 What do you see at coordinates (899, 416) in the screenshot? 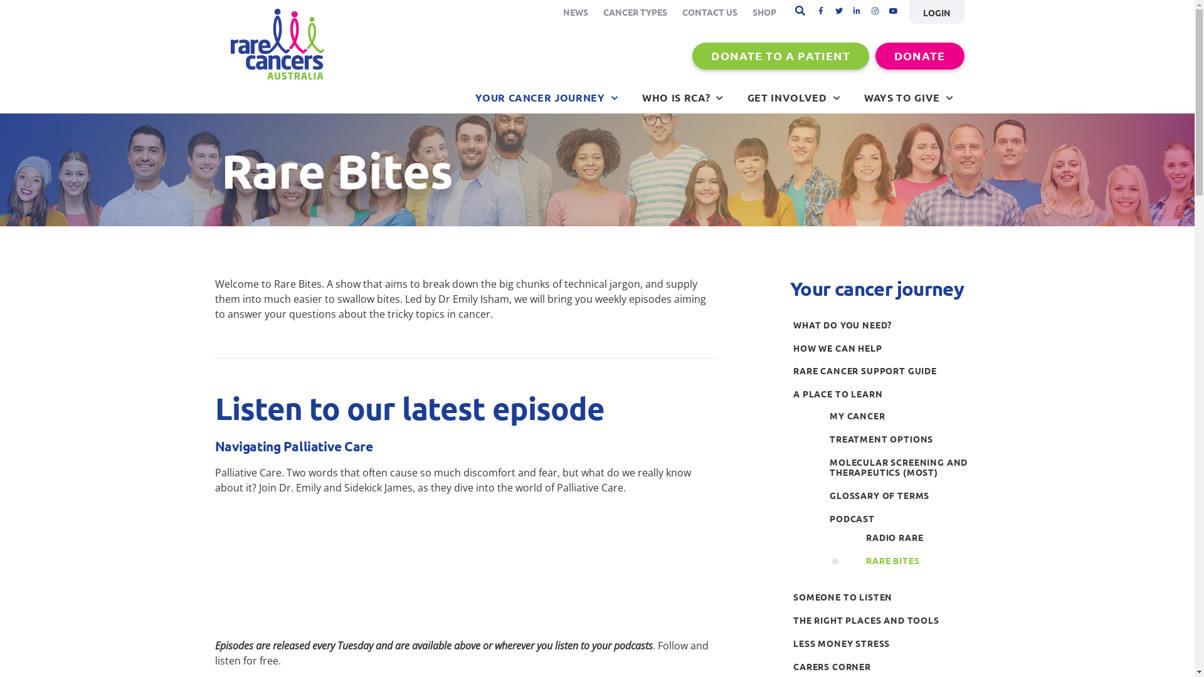
I see `'MY CANCER'` at bounding box center [899, 416].